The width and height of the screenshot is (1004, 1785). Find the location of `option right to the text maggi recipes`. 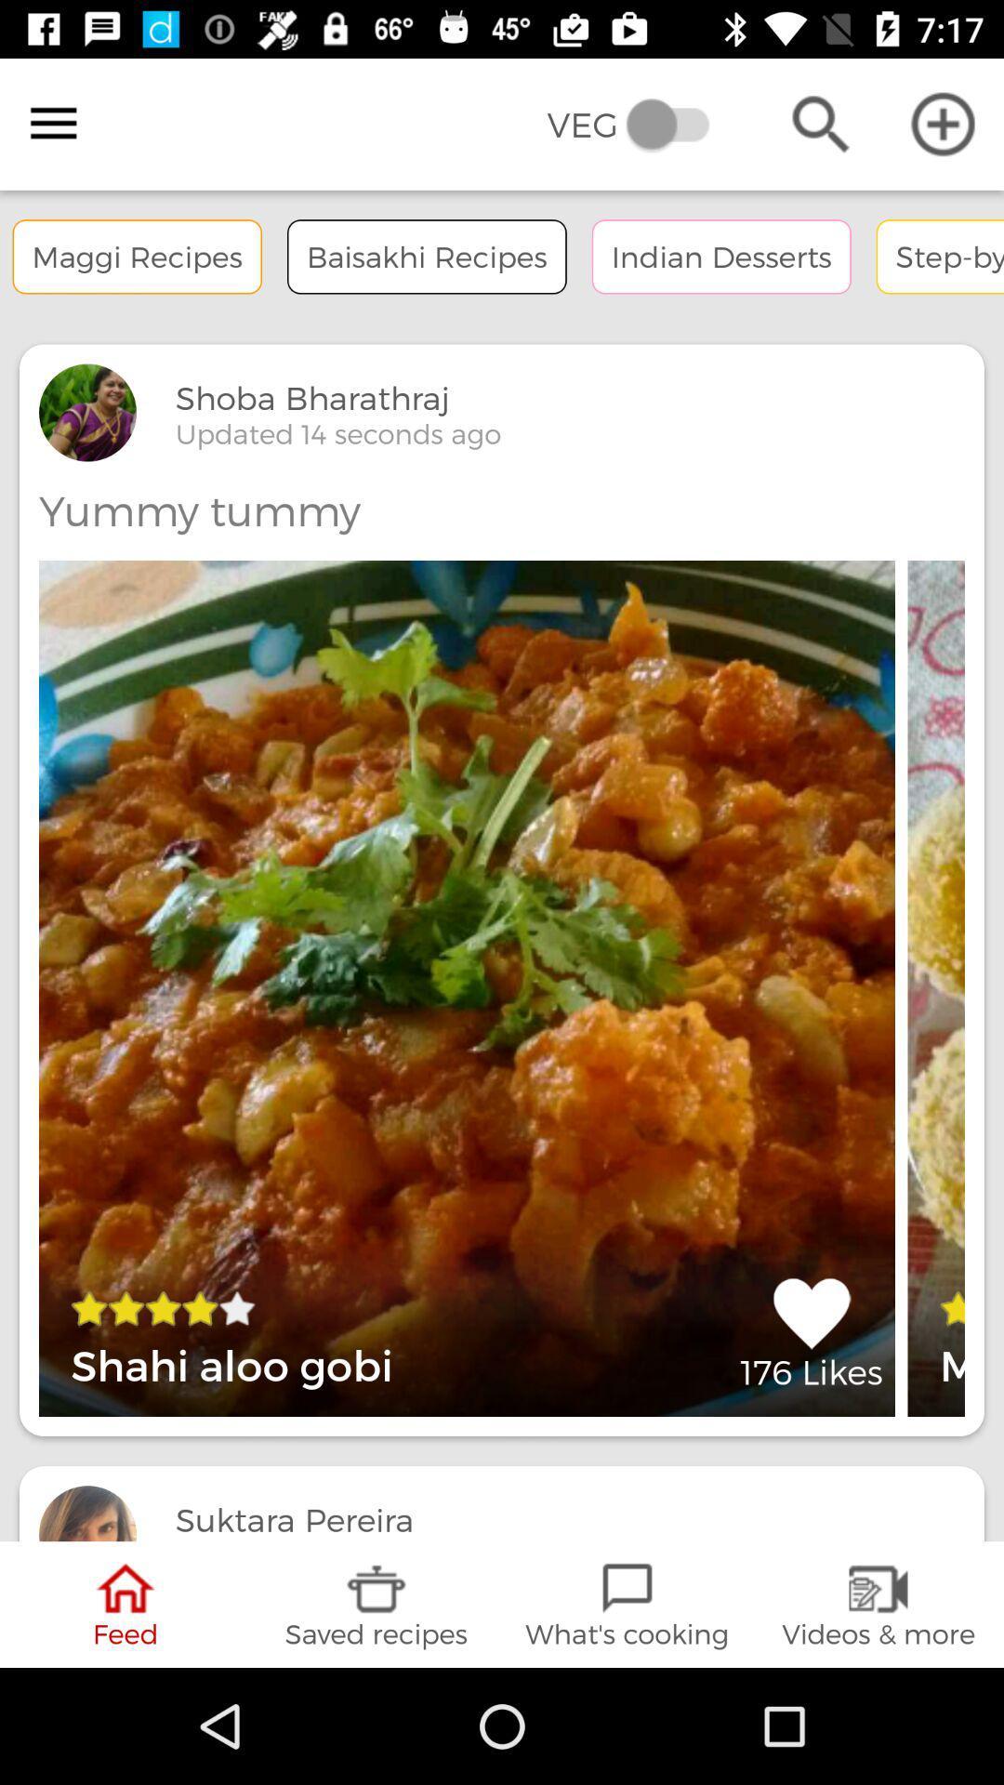

option right to the text maggi recipes is located at coordinates (427, 256).